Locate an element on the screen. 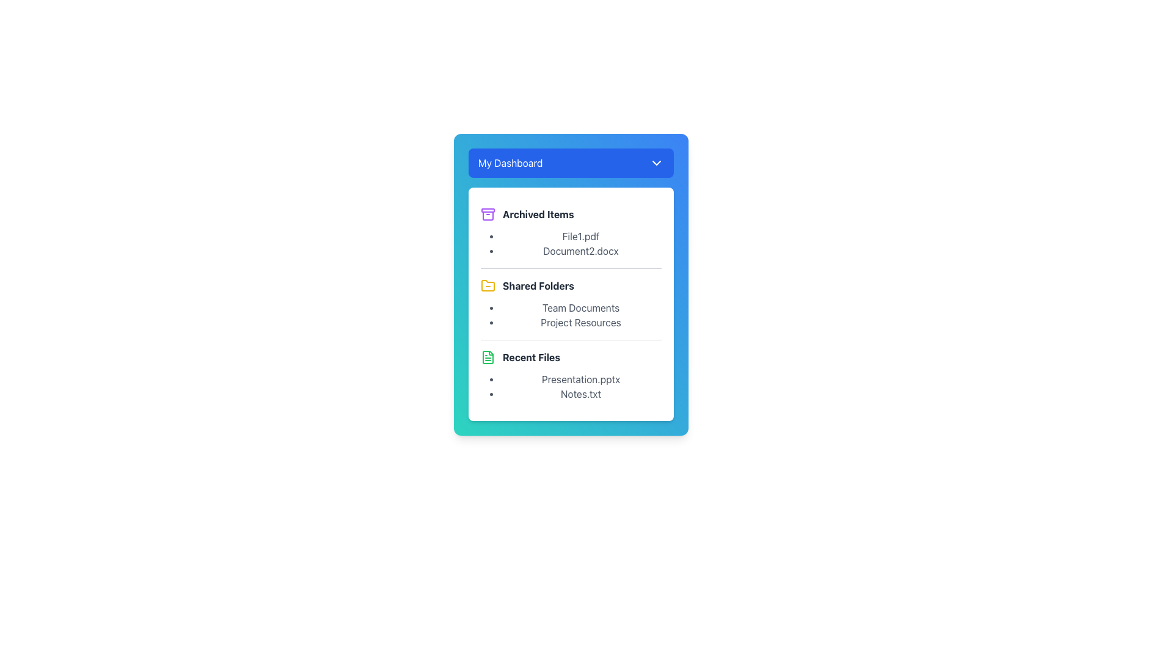 Image resolution: width=1173 pixels, height=660 pixels. the 'Project Resources' text label, which is the second item under the 'Shared Folders' section is located at coordinates (580, 322).